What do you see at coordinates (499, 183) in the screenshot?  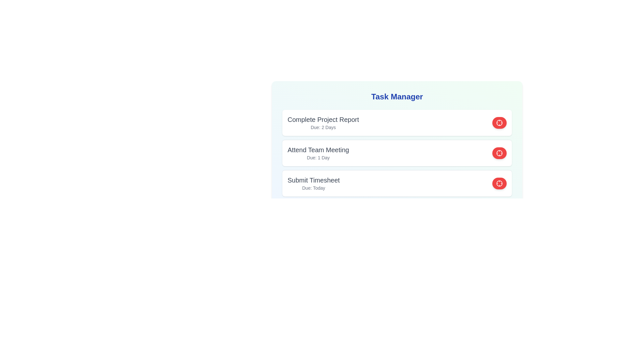 I see `the red circular button-like icon located on the far-right side of the third item` at bounding box center [499, 183].